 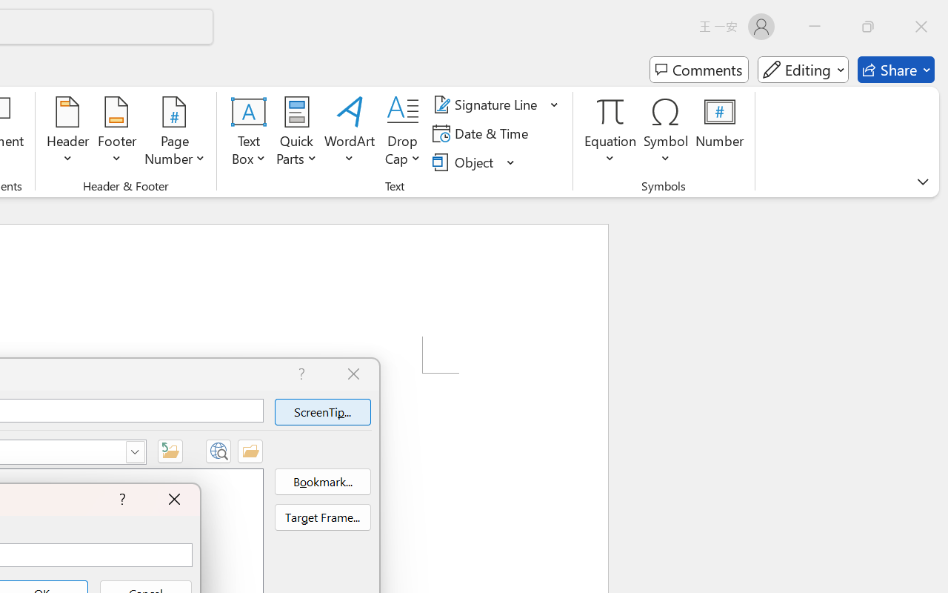 What do you see at coordinates (349, 133) in the screenshot?
I see `'WordArt'` at bounding box center [349, 133].